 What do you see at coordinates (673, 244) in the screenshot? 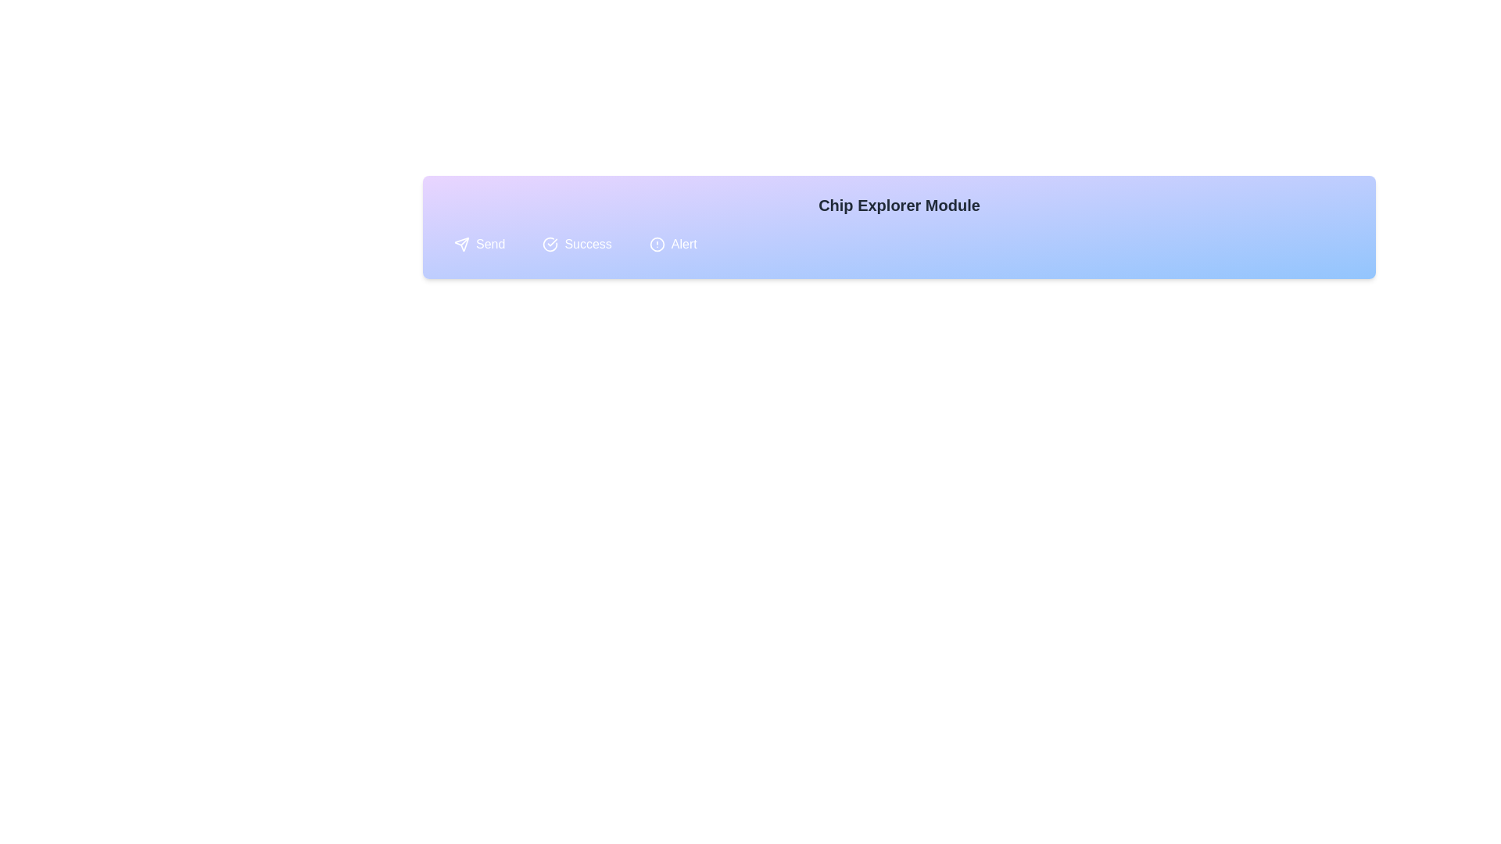
I see `the chip labeled Alert` at bounding box center [673, 244].